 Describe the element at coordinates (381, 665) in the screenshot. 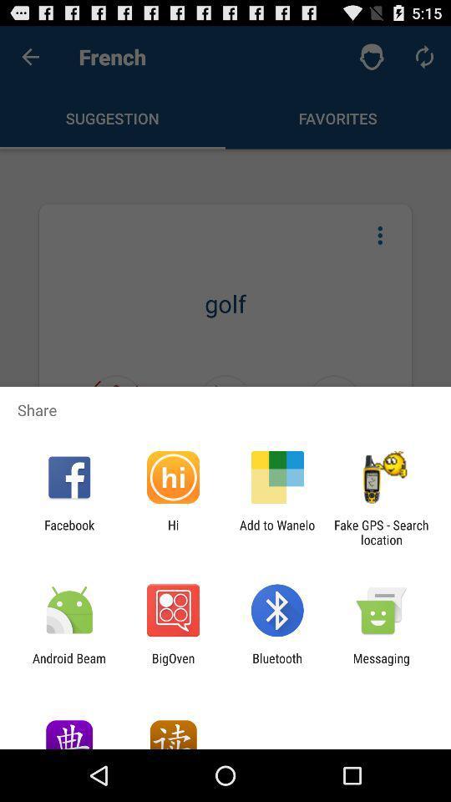

I see `the item next to the bluetooth icon` at that location.